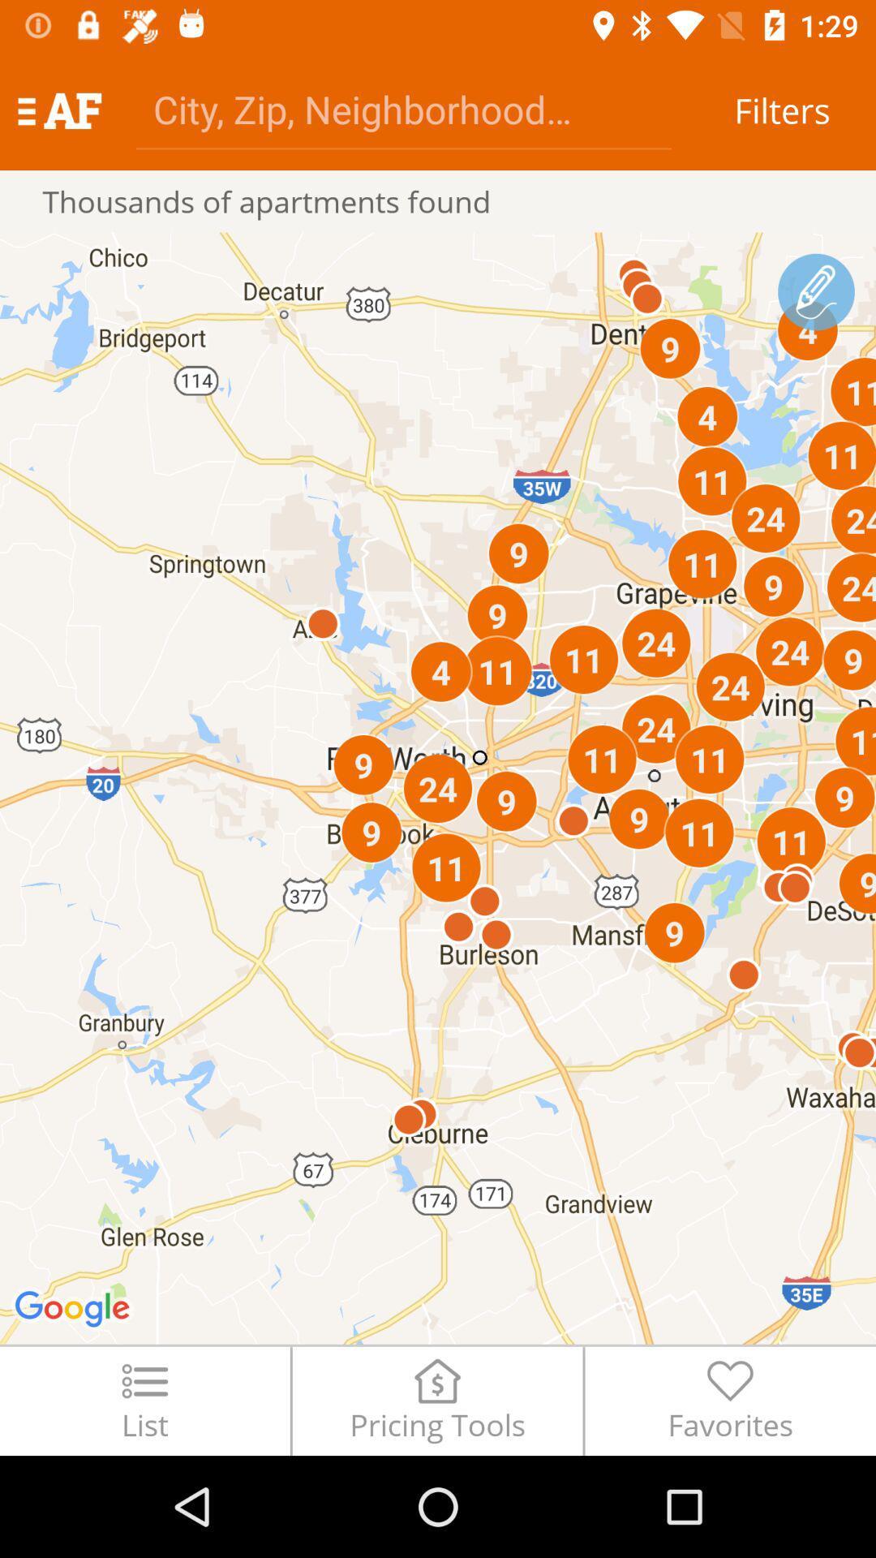  I want to click on icon above the favorites item, so click(816, 292).